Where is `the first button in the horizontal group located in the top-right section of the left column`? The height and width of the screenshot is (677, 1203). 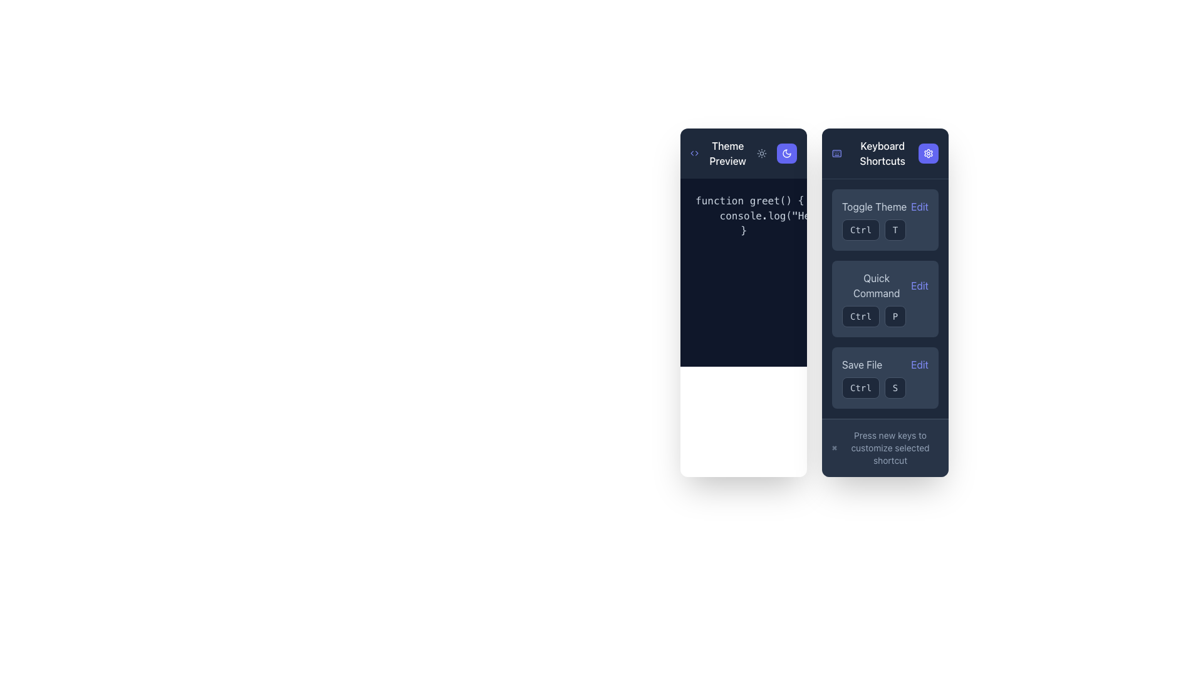
the first button in the horizontal group located in the top-right section of the left column is located at coordinates (761, 153).